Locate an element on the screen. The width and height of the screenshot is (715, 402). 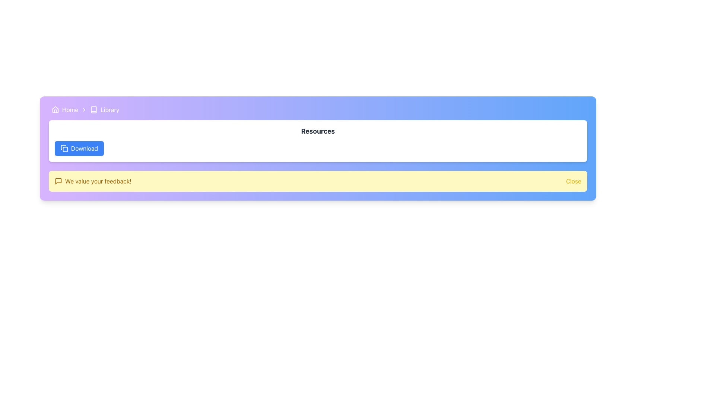
the 'Home' button, which is a horizontally aligned navigation element with a house icon located in the top-left corner of the navigation bar, preceding the 'Library' link is located at coordinates (65, 109).